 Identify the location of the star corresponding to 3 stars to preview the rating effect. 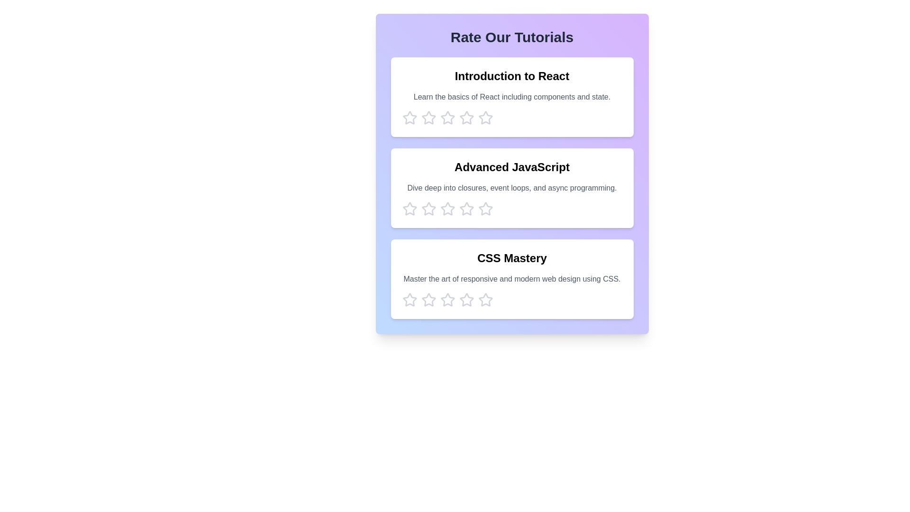
(447, 118).